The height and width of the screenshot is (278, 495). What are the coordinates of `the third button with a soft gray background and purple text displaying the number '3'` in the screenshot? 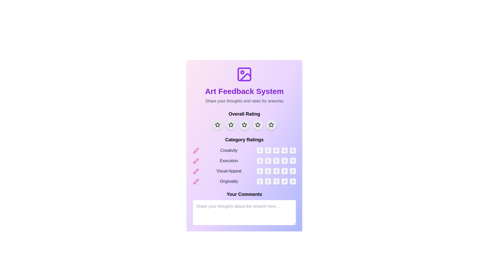 It's located at (276, 181).